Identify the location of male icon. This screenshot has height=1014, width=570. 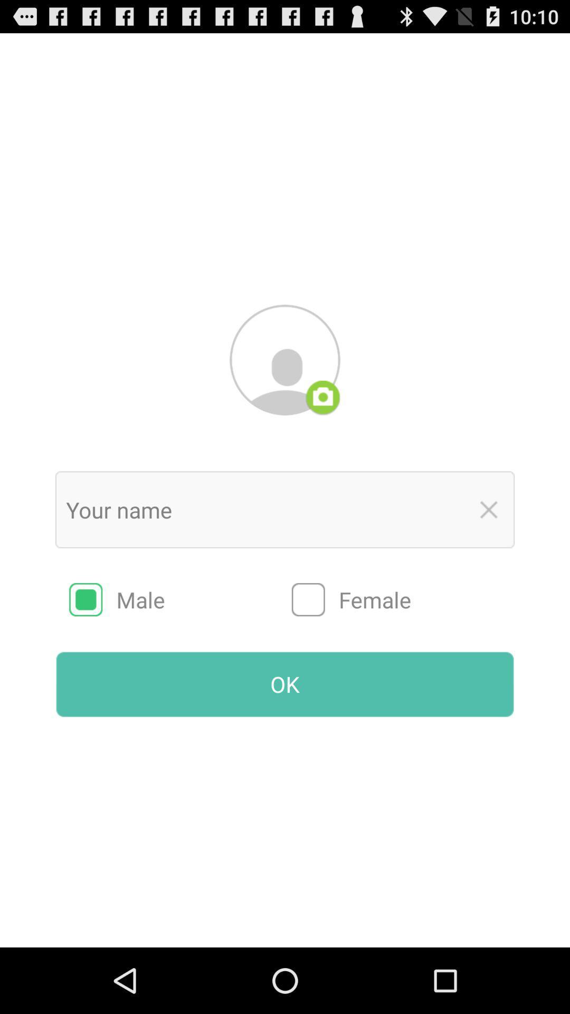
(180, 599).